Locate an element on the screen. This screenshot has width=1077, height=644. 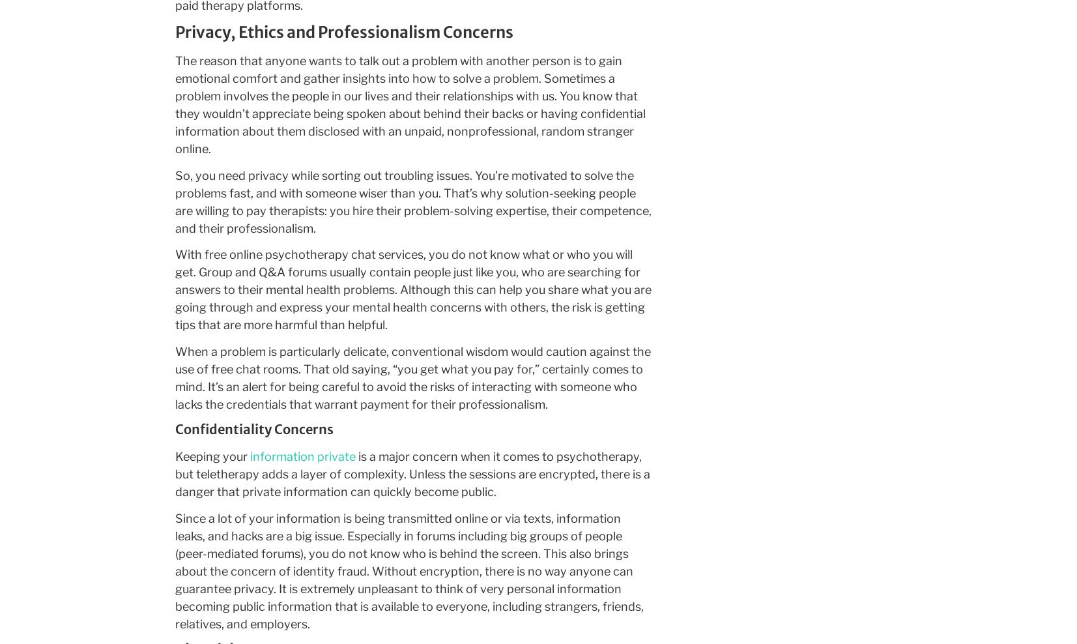
'With free online psychotherapy chat services, you do not know what or who you will get. Group and Q&A forums usually contain people just like you, who are searching for answers to their mental health problems. Although this can help you share what you are going through and express your mental health concerns with others, the risk is getting tips that are more harmful than helpful.' is located at coordinates (412, 289).